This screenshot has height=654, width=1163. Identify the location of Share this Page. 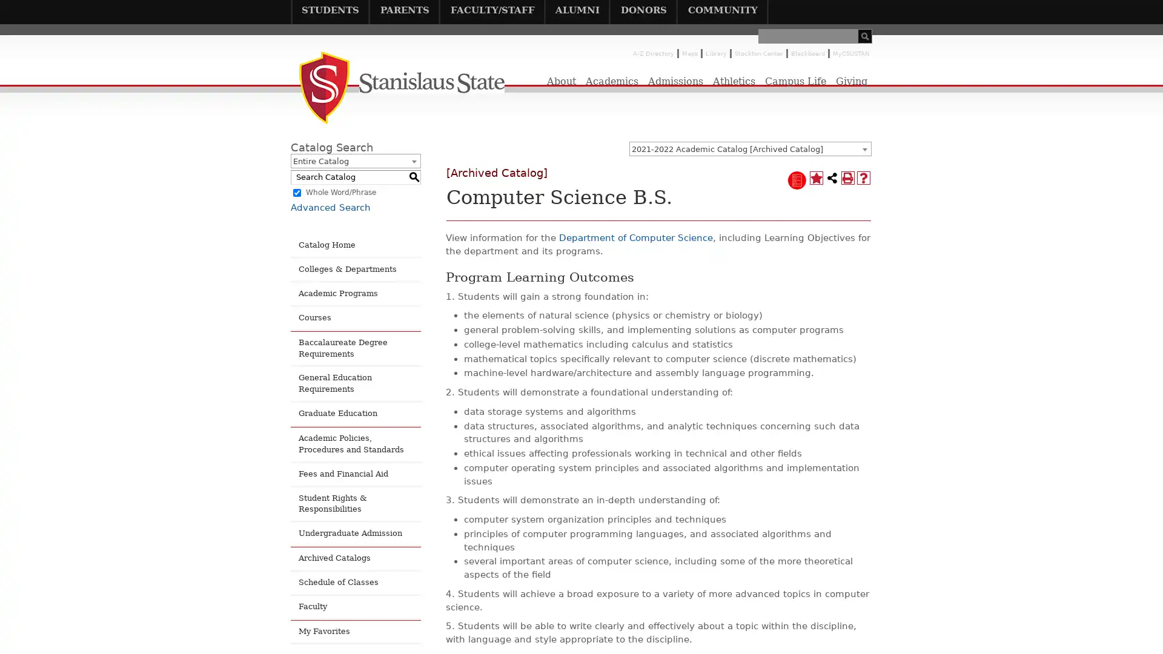
(831, 177).